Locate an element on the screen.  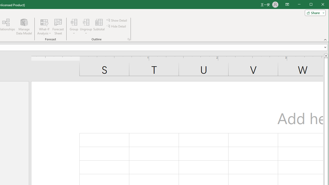
'Ribbon Display Options' is located at coordinates (287, 5).